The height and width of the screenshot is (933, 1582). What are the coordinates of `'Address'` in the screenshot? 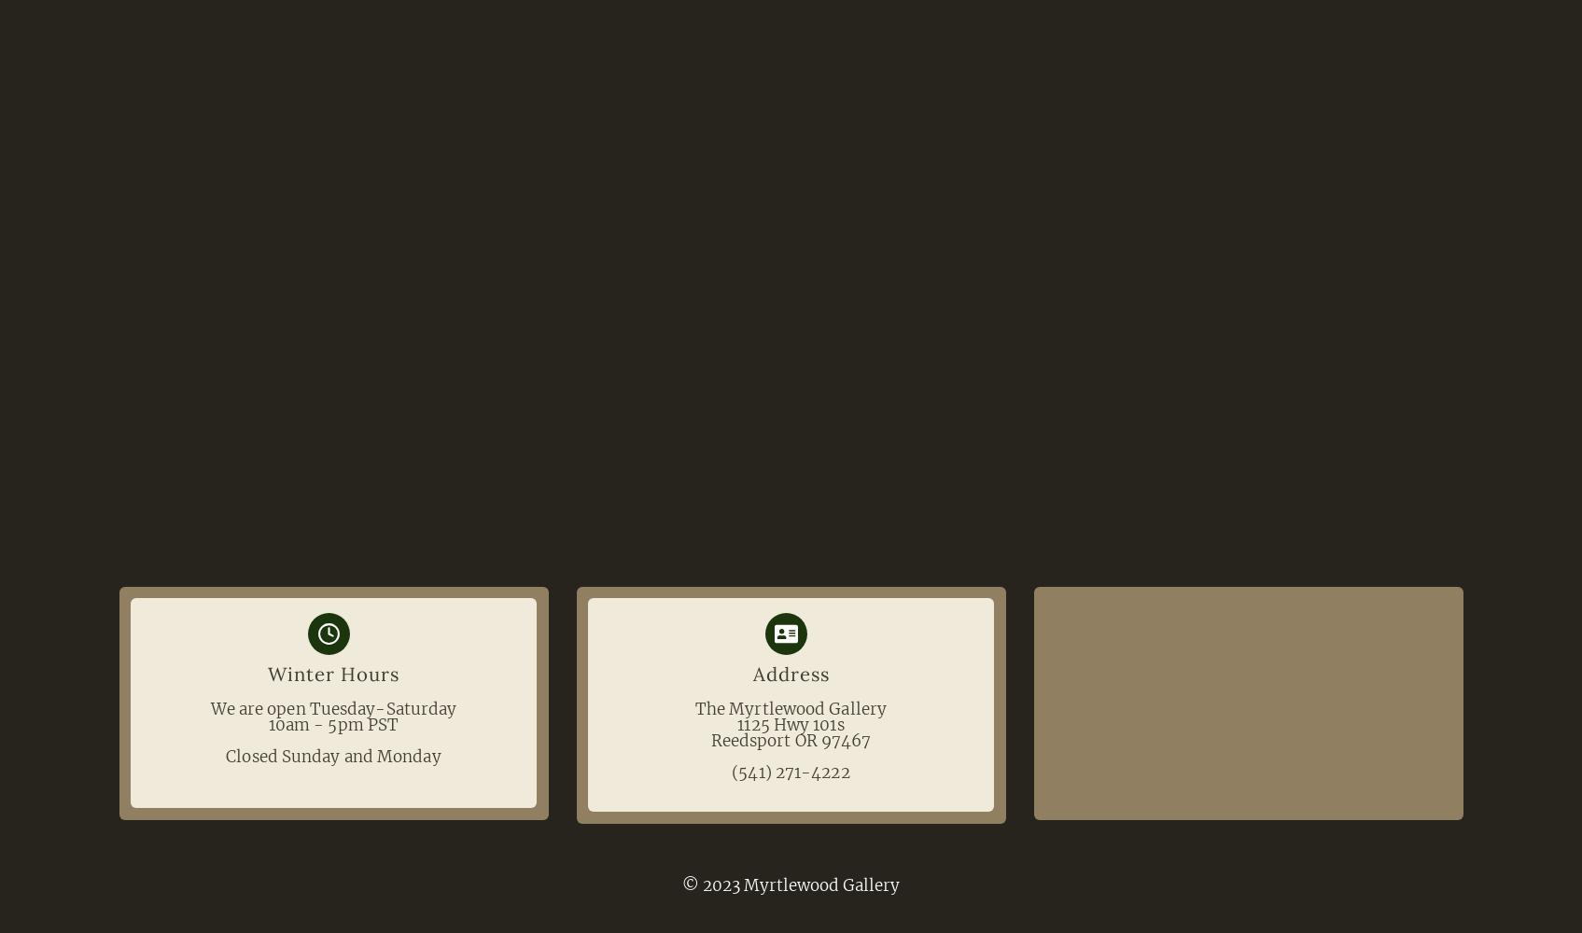 It's located at (790, 672).